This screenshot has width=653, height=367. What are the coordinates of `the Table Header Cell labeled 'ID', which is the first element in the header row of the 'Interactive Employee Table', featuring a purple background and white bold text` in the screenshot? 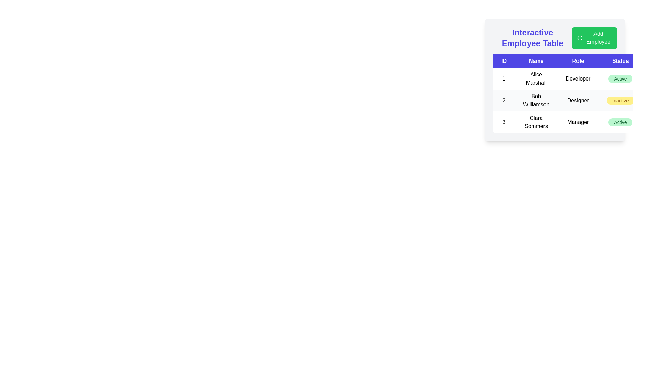 It's located at (504, 61).